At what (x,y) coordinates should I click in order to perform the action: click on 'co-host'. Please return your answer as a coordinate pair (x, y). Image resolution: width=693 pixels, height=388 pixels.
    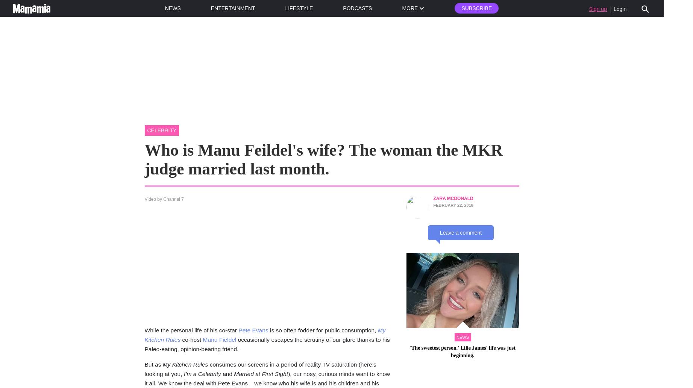
    Looking at the image, I should click on (191, 339).